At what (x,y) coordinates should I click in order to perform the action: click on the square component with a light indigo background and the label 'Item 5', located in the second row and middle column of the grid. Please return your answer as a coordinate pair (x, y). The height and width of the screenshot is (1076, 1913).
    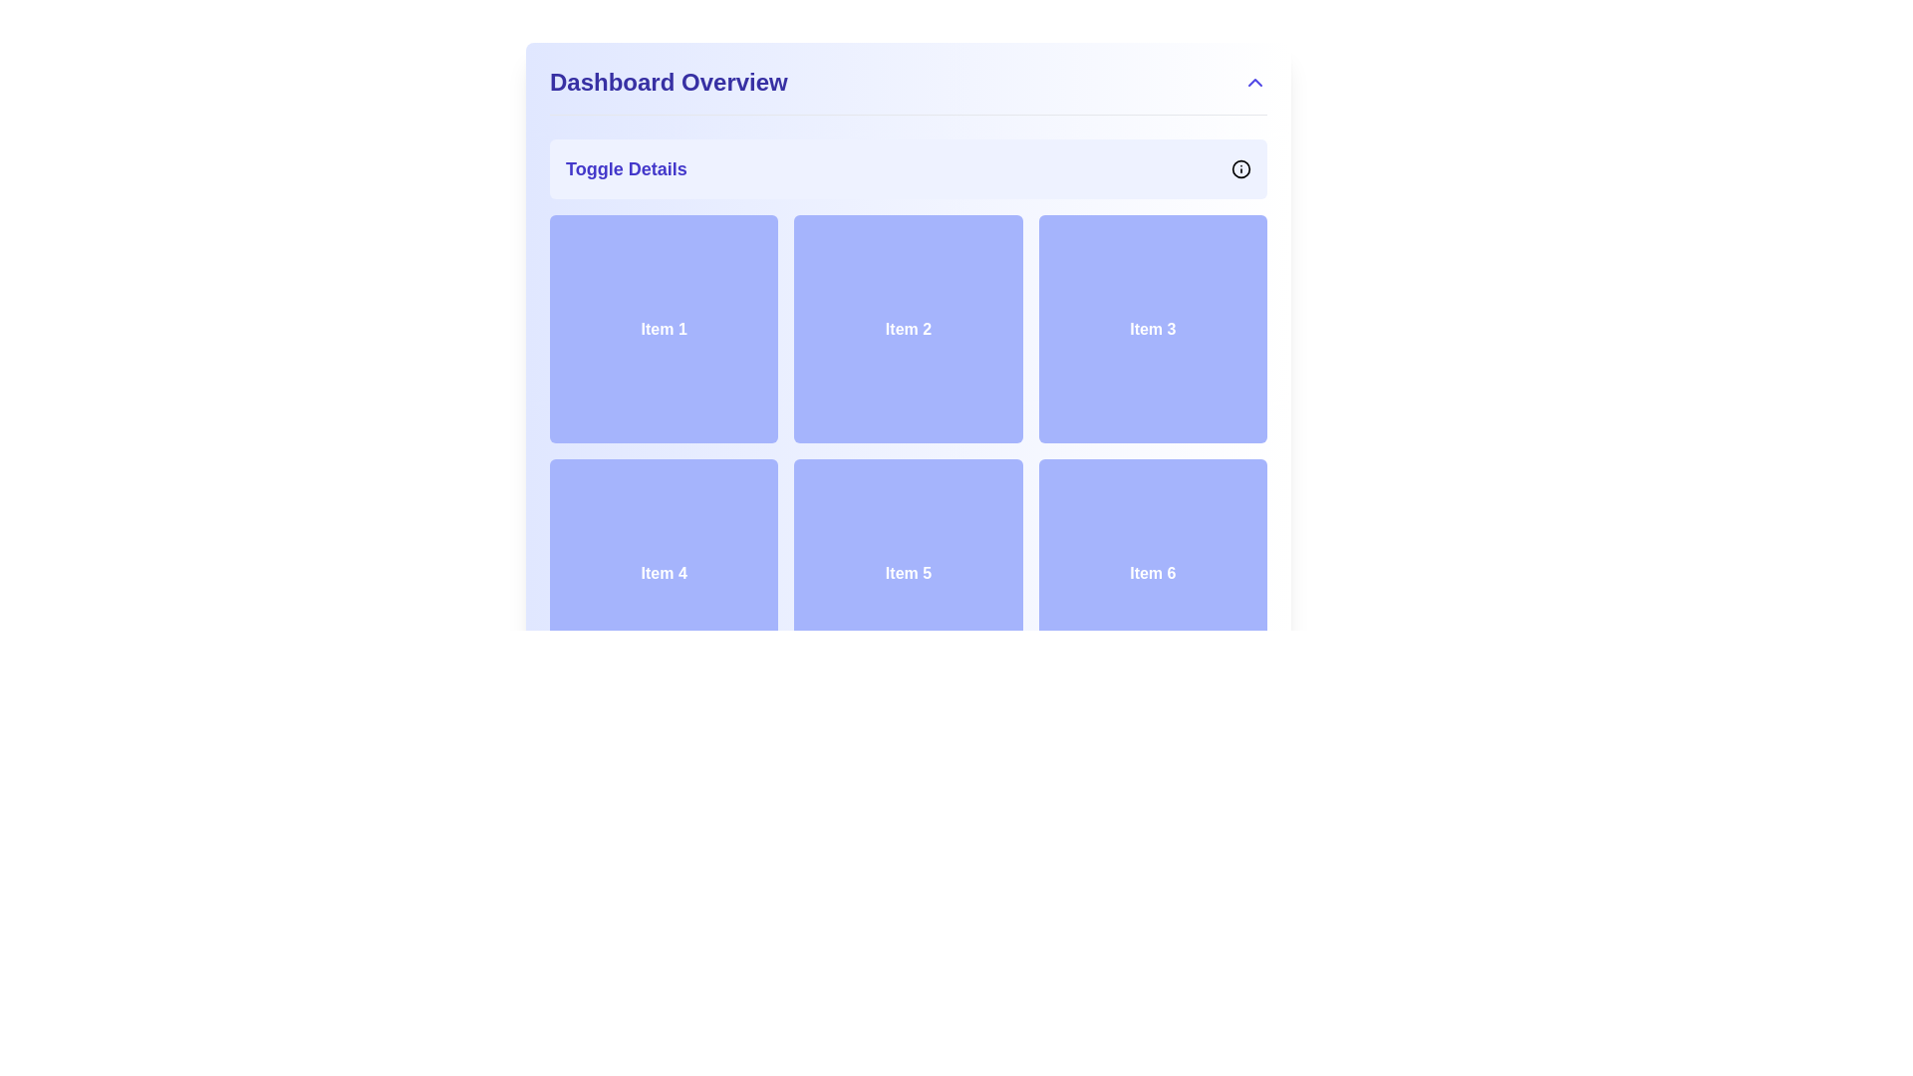
    Looking at the image, I should click on (908, 573).